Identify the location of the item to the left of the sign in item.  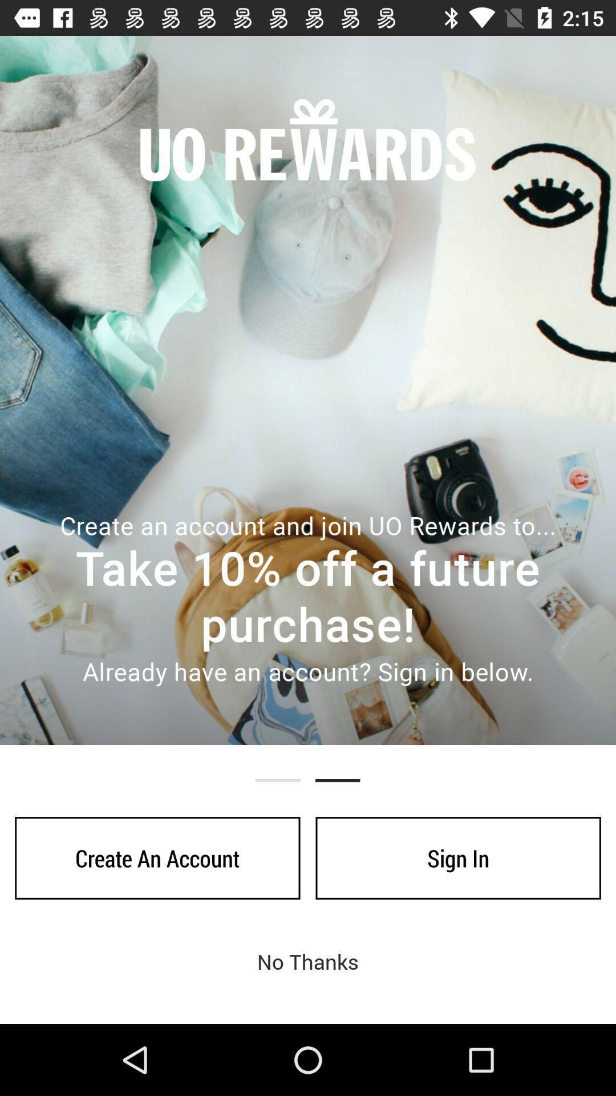
(157, 858).